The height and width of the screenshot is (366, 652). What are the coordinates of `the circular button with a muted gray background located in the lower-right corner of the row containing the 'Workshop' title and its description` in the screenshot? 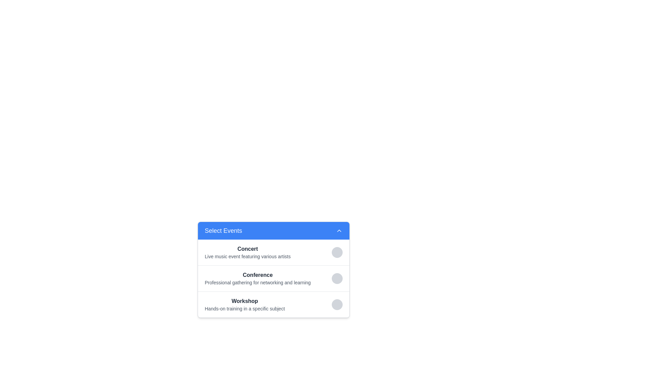 It's located at (337, 304).